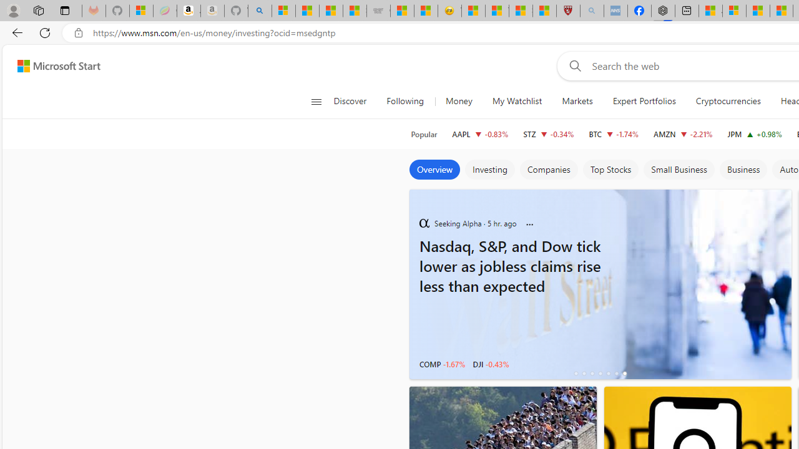 This screenshot has width=799, height=449. What do you see at coordinates (458, 101) in the screenshot?
I see `'Money'` at bounding box center [458, 101].